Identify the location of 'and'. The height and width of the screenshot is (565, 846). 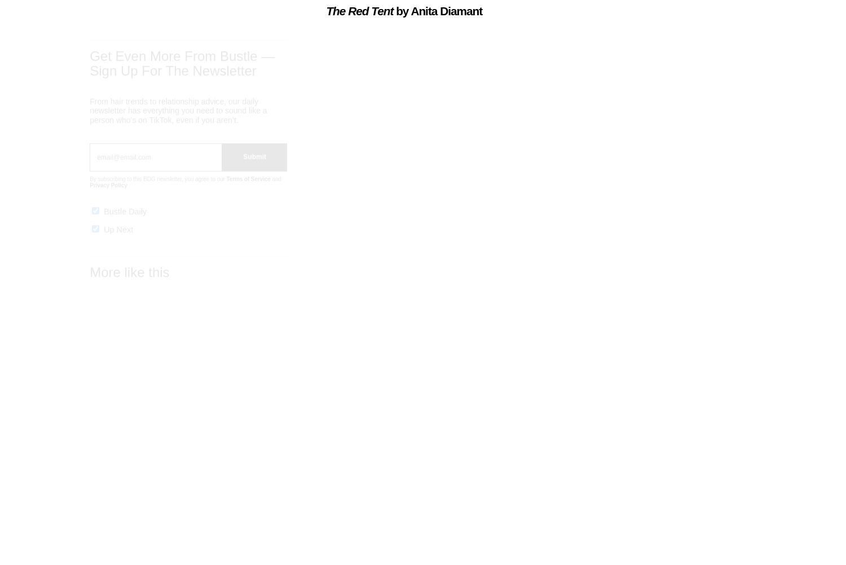
(275, 189).